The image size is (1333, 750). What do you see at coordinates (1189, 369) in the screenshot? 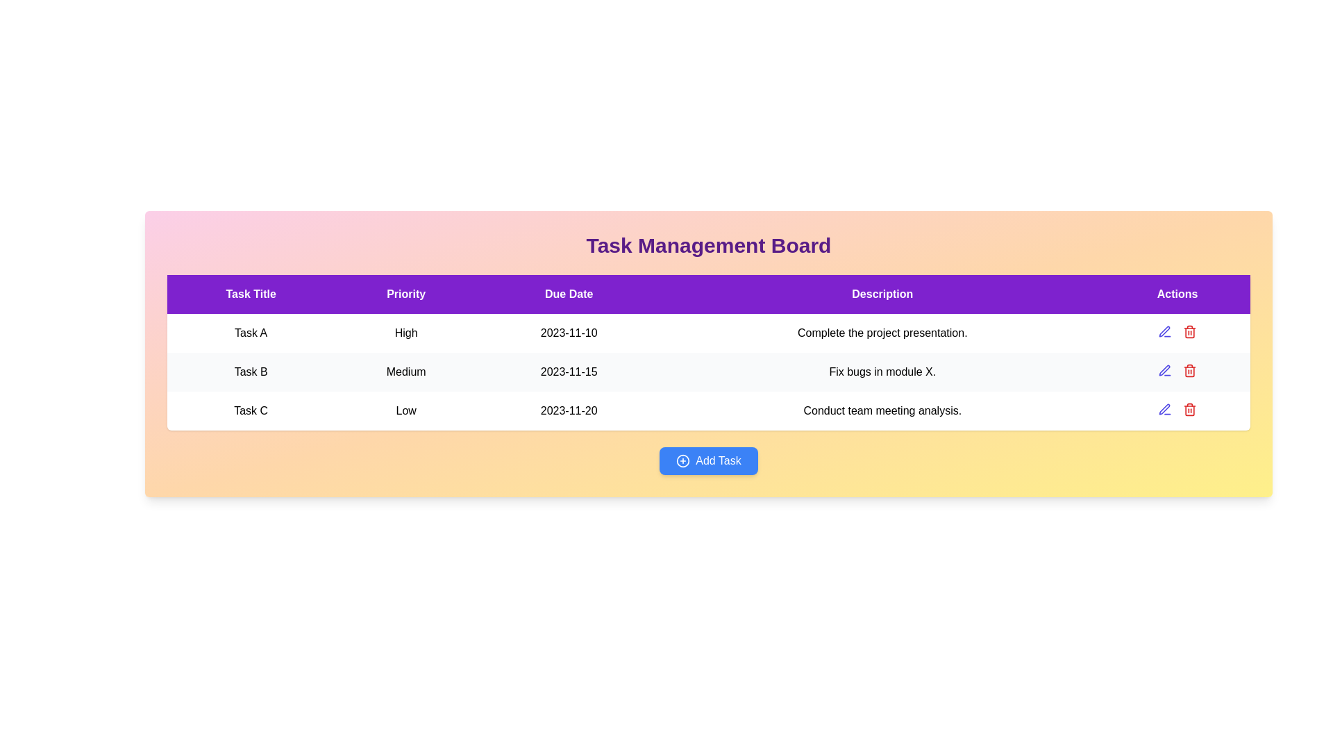
I see `the red trash can icon button located in the third row of the 'Actions' column of the task table` at bounding box center [1189, 369].